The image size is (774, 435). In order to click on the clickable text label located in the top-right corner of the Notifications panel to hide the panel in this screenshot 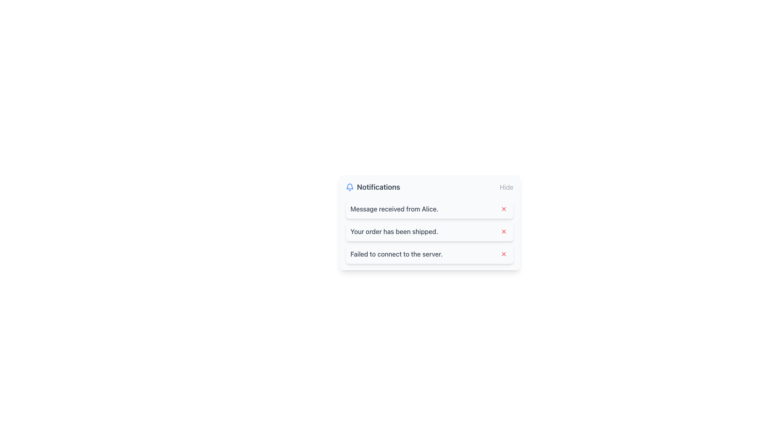, I will do `click(506, 187)`.